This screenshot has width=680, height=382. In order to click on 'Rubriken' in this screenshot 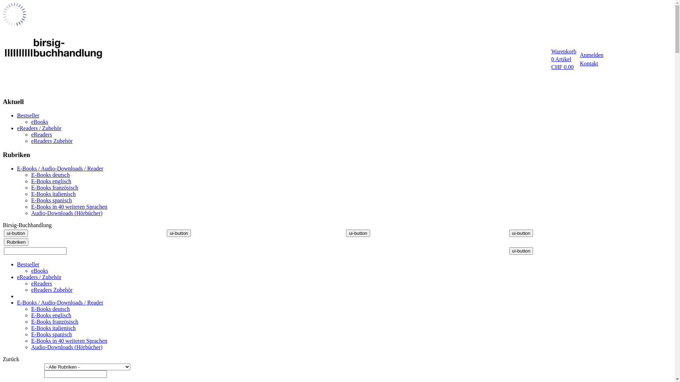, I will do `click(16, 242)`.